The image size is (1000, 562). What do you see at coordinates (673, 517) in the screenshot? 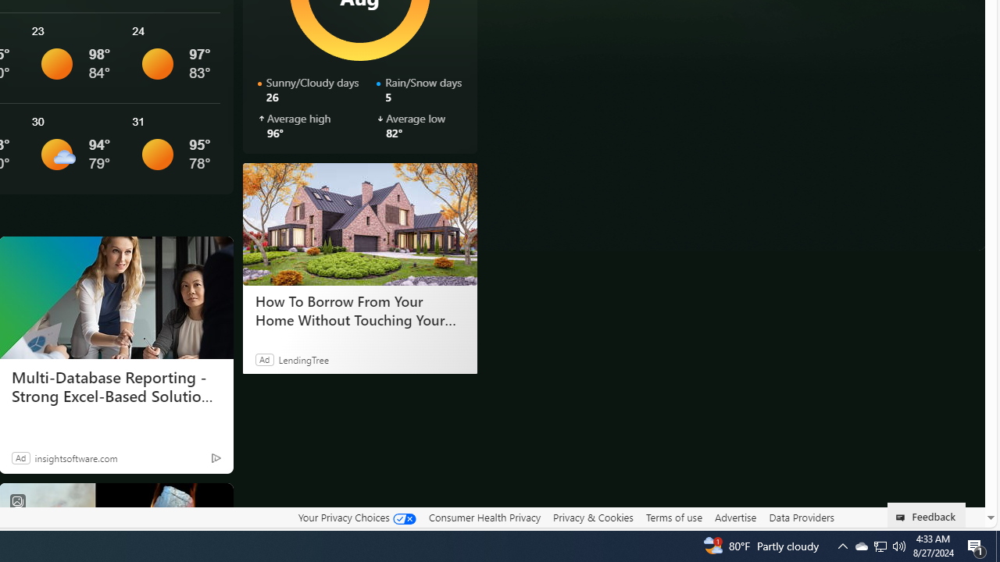
I see `'Terms of use'` at bounding box center [673, 517].